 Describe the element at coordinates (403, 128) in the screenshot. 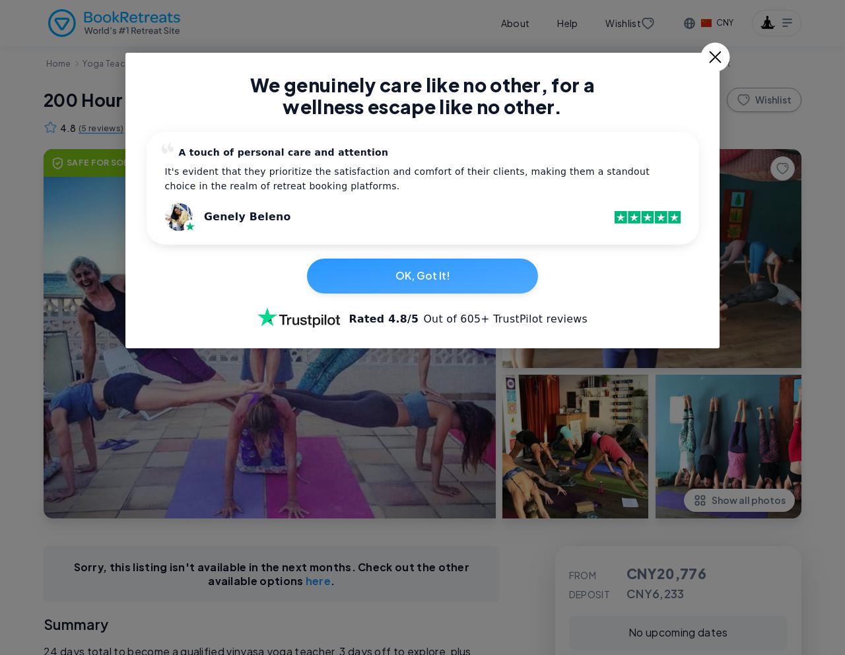

I see `'Best Price Guarantee'` at that location.